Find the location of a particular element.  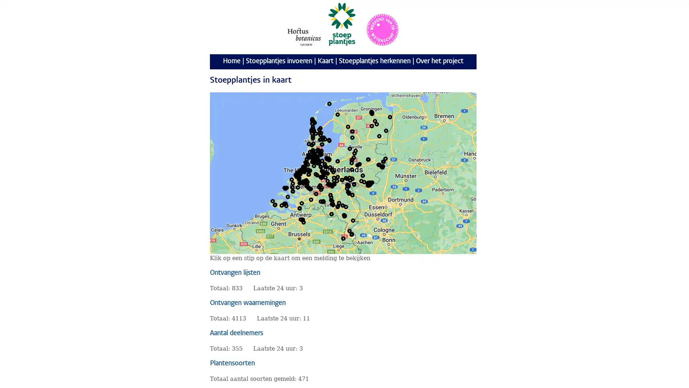

Telling van Nova op 05 december 2021 is located at coordinates (349, 193).